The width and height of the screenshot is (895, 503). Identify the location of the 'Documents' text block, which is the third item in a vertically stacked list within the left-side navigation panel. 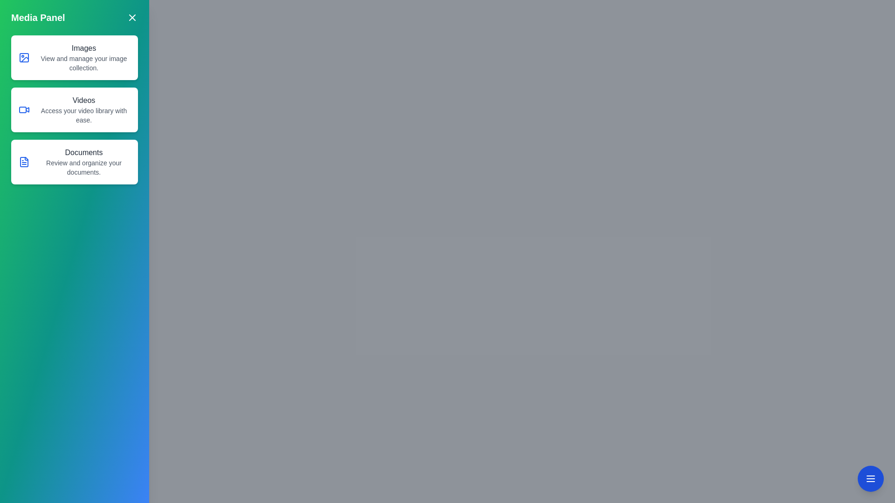
(84, 161).